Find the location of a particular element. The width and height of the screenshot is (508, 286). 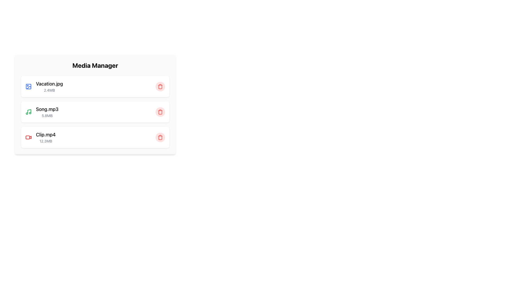

the text label displaying 'Song.mp3' with the size indication '5.8MB' in the second file card of the Media Manager interface is located at coordinates (42, 112).